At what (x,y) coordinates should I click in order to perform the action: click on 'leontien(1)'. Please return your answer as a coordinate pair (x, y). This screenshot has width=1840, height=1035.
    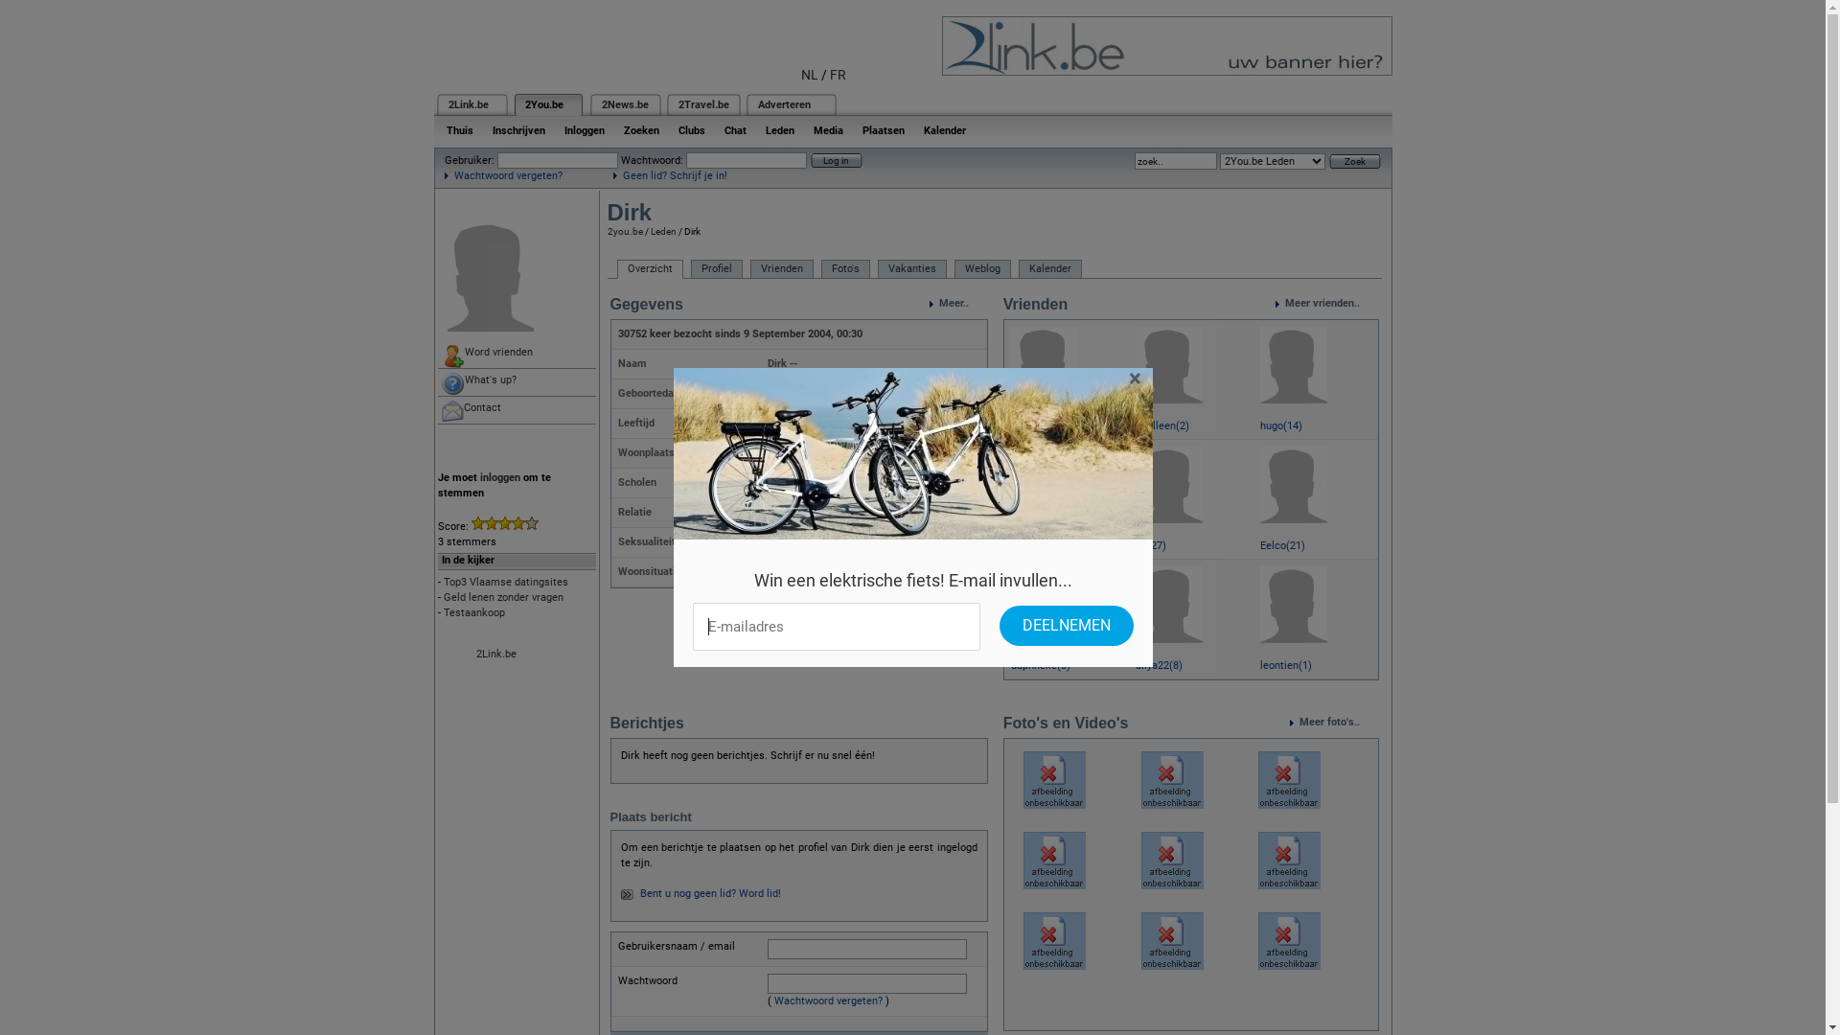
    Looking at the image, I should click on (1260, 664).